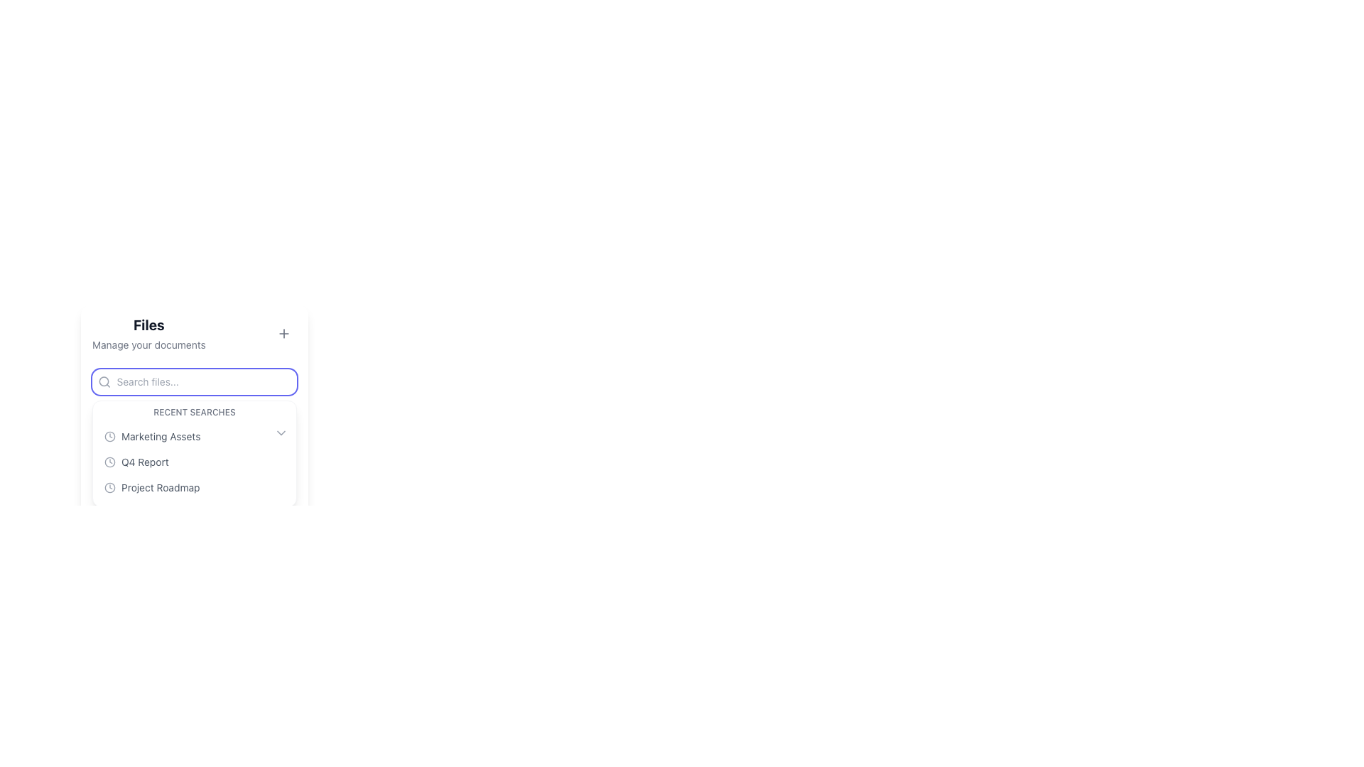 The image size is (1364, 767). What do you see at coordinates (103, 381) in the screenshot?
I see `the circular element that is part of the search icon located on the left side of the search bar in the upper section of the interface` at bounding box center [103, 381].